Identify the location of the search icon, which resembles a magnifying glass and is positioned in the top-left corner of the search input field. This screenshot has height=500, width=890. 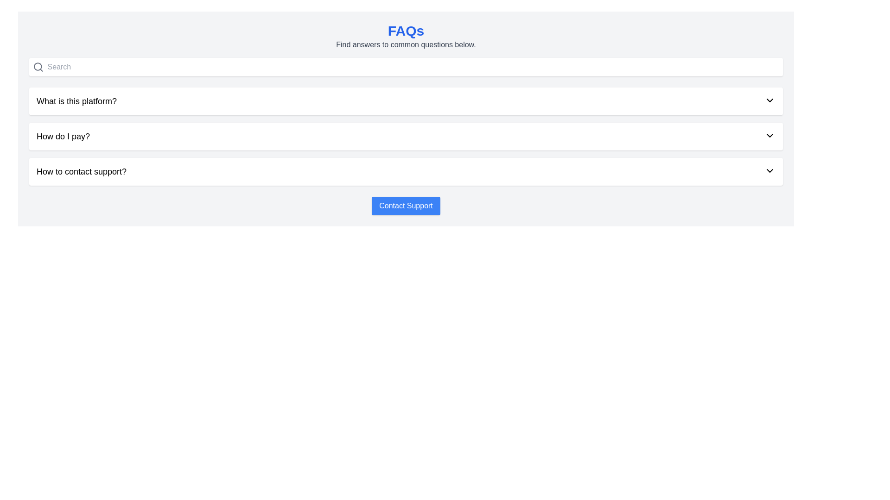
(38, 67).